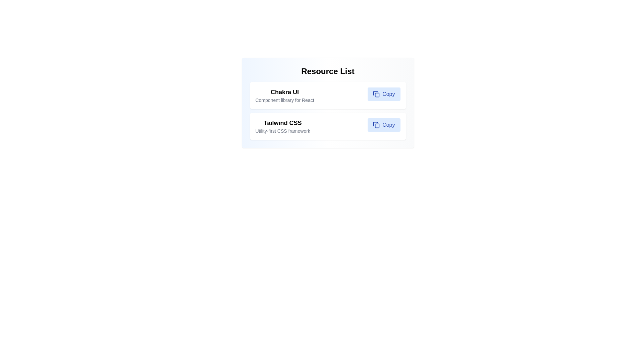  Describe the element at coordinates (285, 100) in the screenshot. I see `the text label that reads 'Component library for React', which is styled in a small gray font and located beneath the heading 'Chakra UI' in the Resource List section` at that location.